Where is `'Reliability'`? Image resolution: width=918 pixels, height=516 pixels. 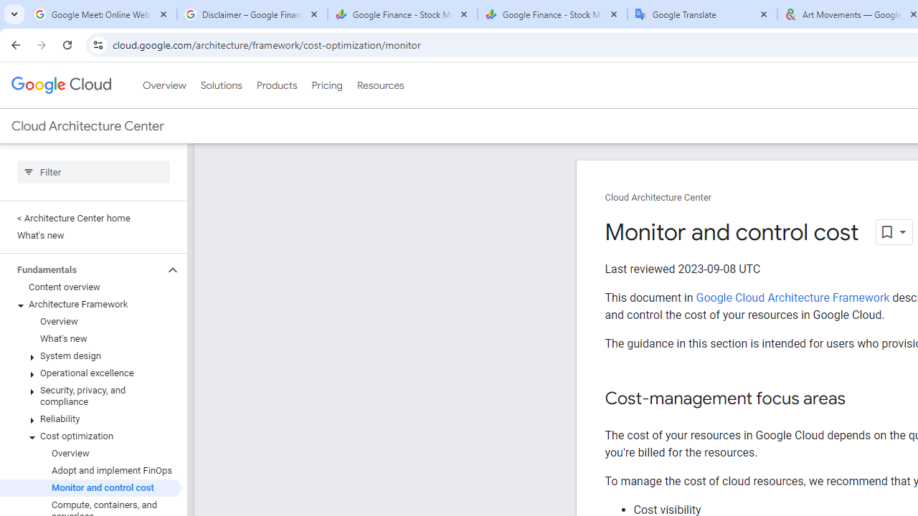
'Reliability' is located at coordinates (90, 419).